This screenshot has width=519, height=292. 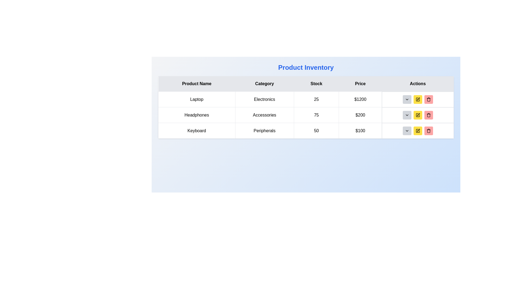 What do you see at coordinates (428, 115) in the screenshot?
I see `the trash can icon button located in the 'Actions' column of the 'Product Inventory' table, specifically in the second row for 'Headphones'` at bounding box center [428, 115].